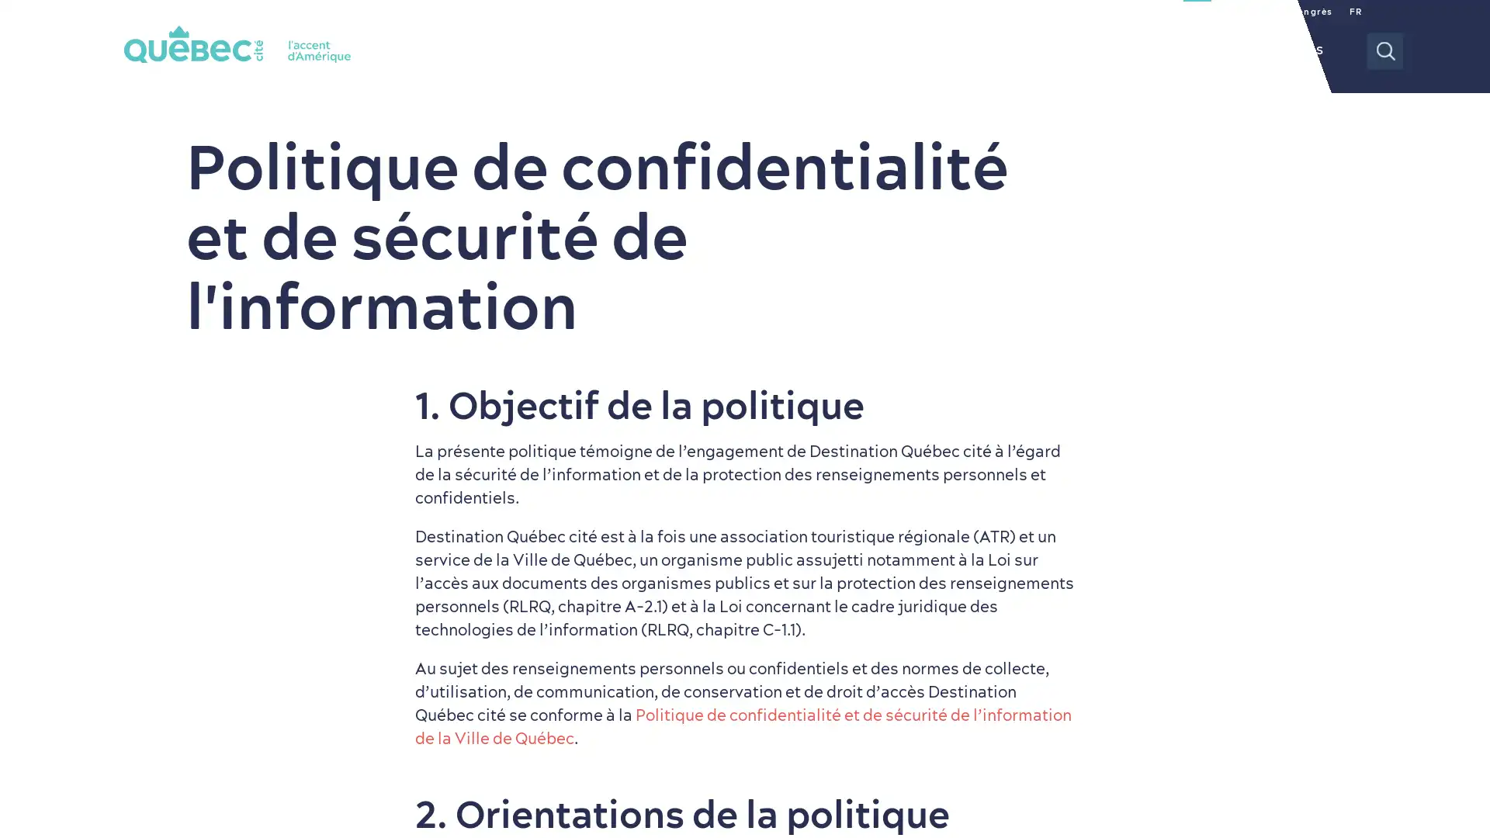 This screenshot has height=838, width=1490. Describe the element at coordinates (1440, 110) in the screenshot. I see `Tous` at that location.